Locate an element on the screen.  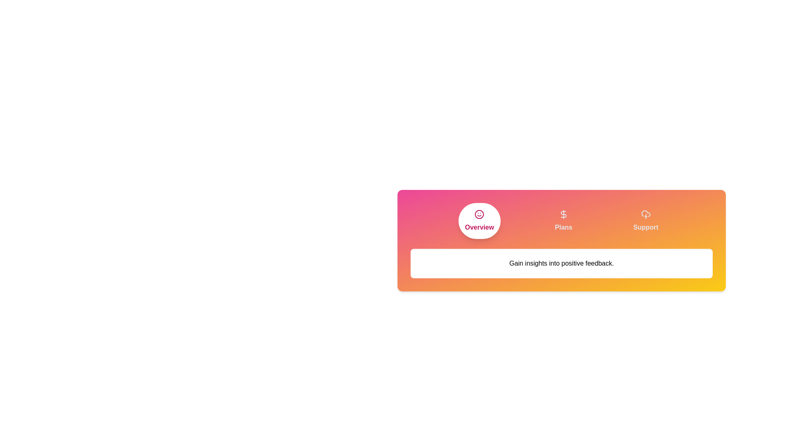
the Overview tab is located at coordinates (479, 221).